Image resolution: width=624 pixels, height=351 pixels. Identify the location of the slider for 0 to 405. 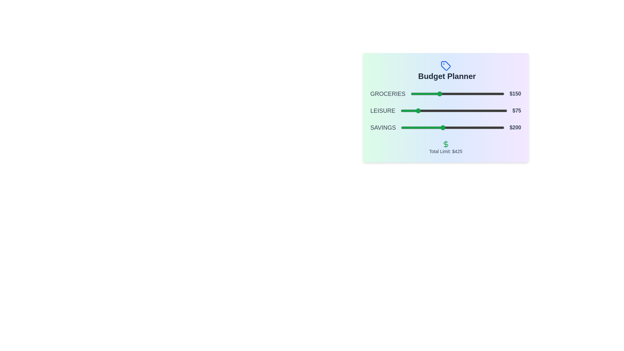
(487, 94).